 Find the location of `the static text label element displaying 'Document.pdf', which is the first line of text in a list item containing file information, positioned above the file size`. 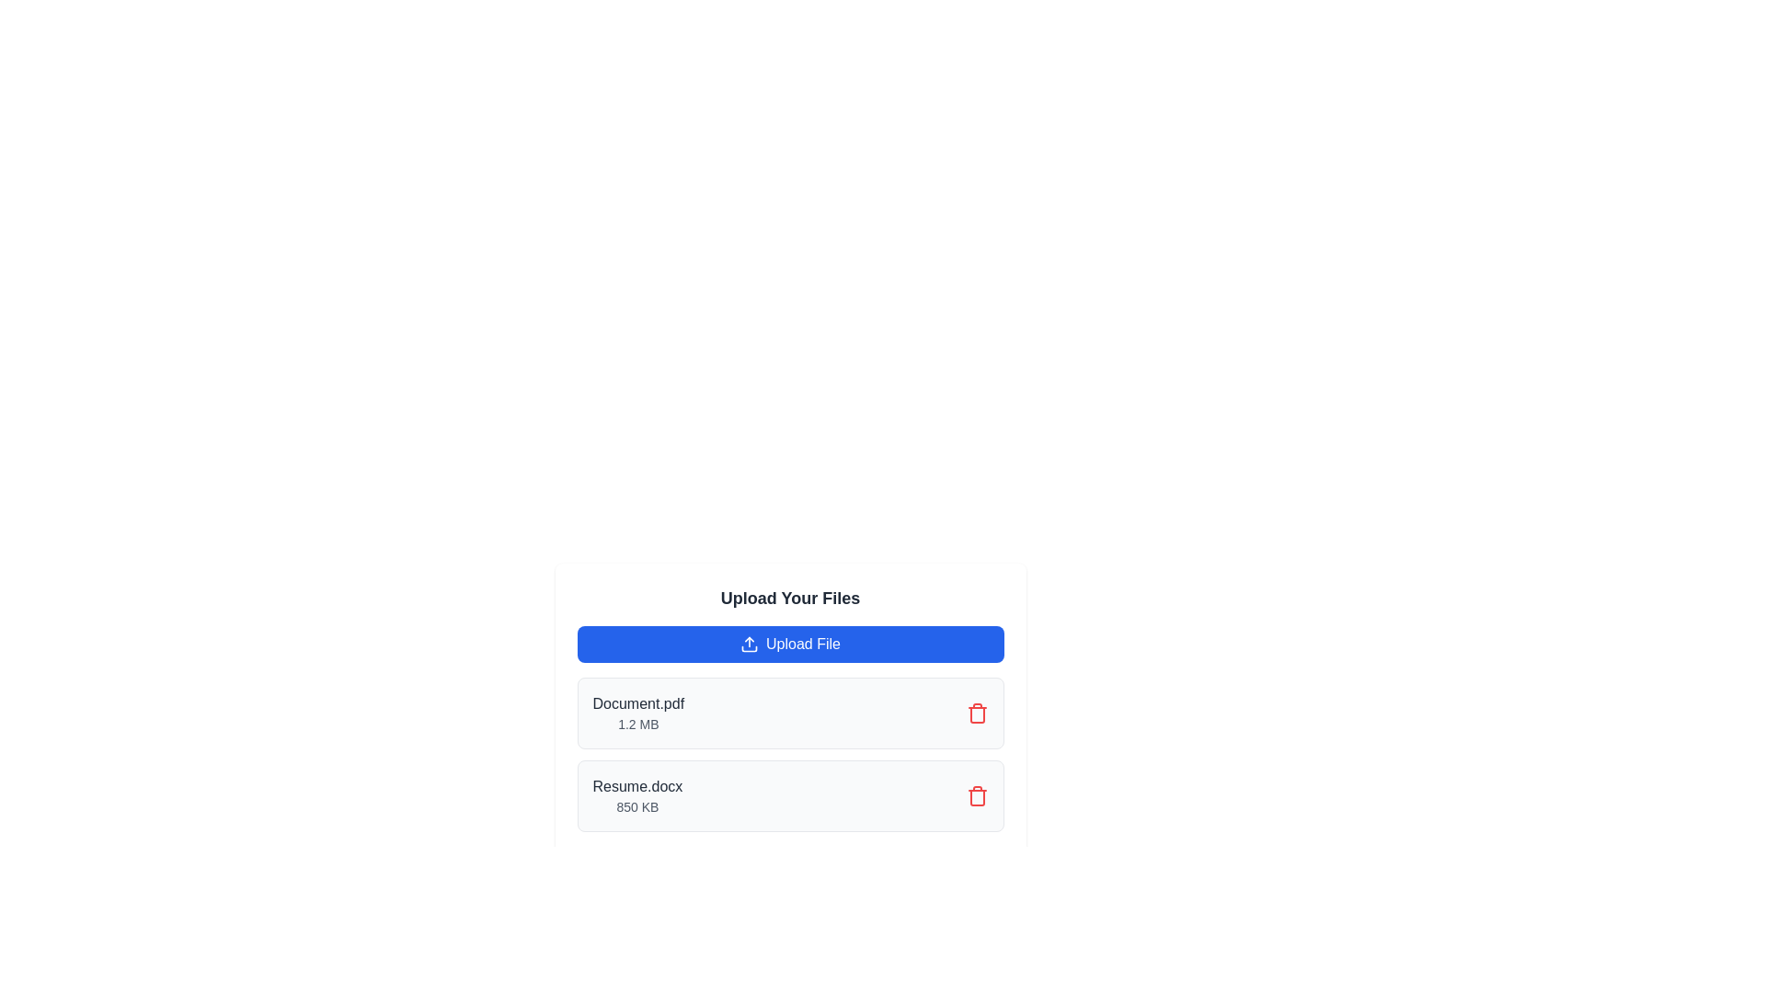

the static text label element displaying 'Document.pdf', which is the first line of text in a list item containing file information, positioned above the file size is located at coordinates (638, 703).